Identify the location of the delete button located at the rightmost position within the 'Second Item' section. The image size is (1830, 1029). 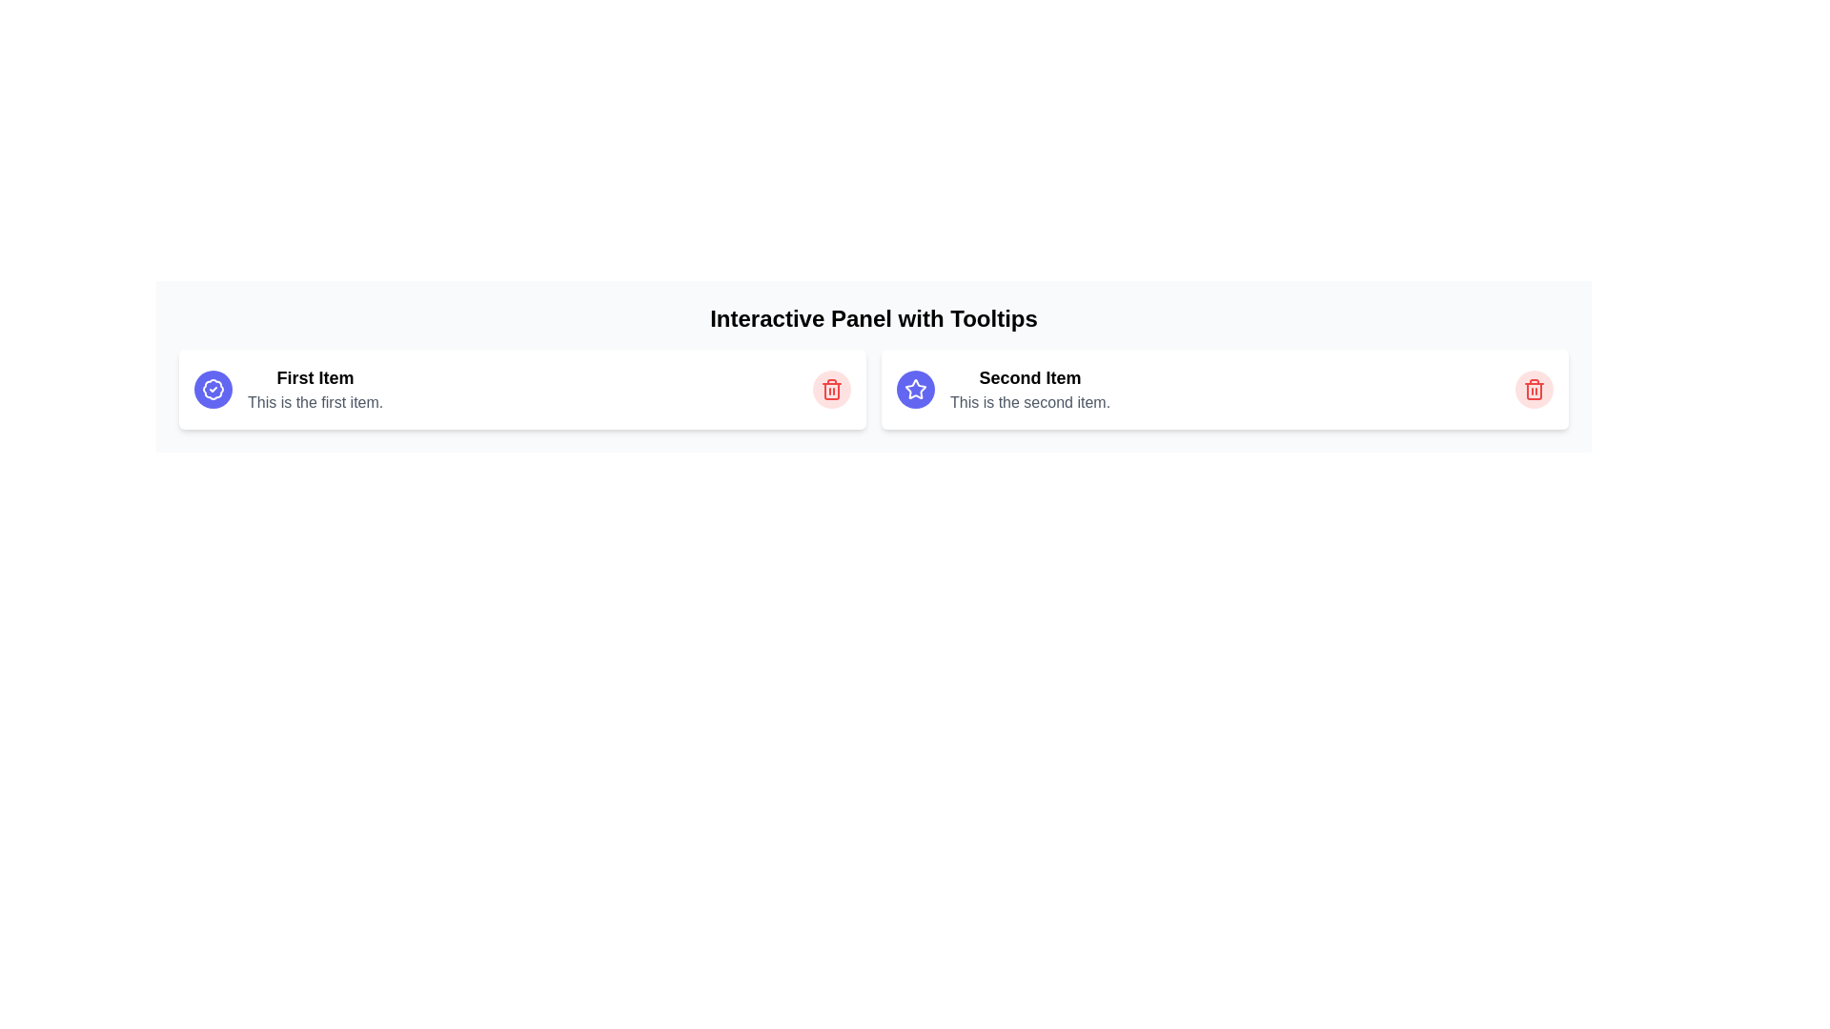
(1534, 388).